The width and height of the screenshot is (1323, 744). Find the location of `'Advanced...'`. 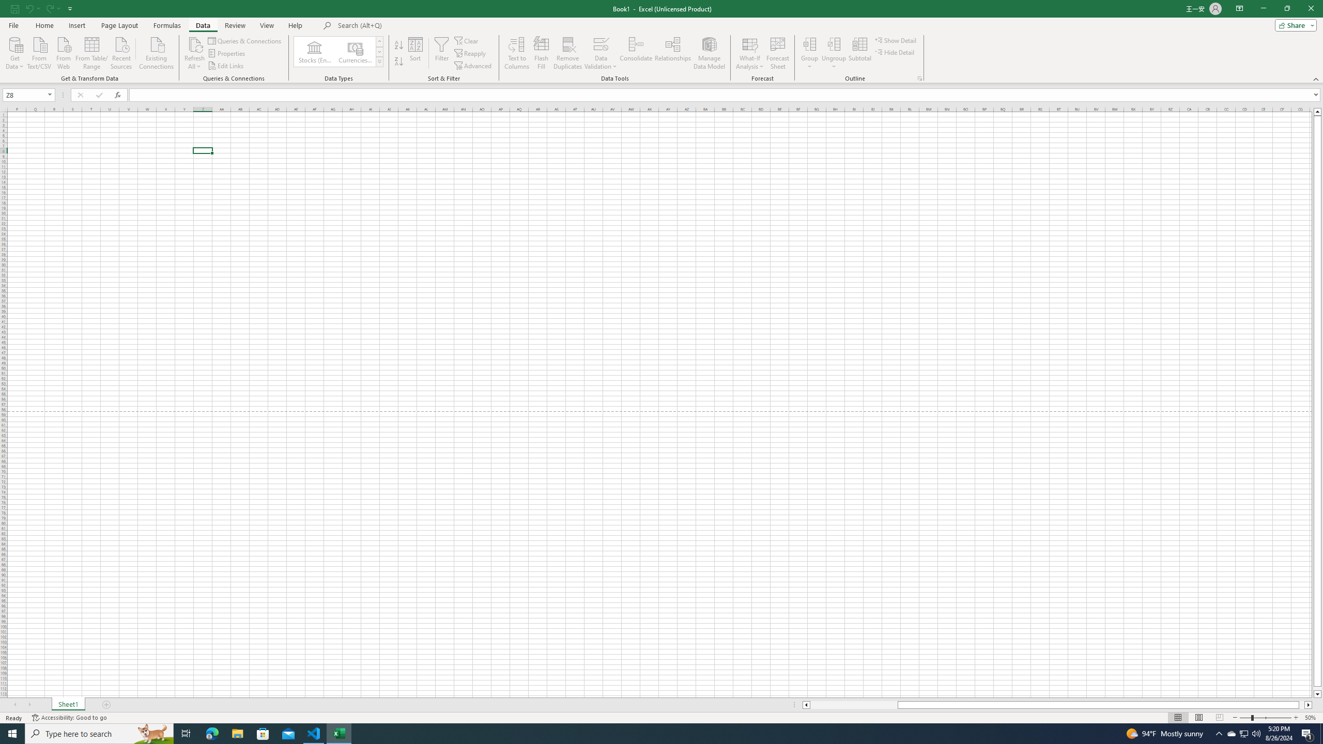

'Advanced...' is located at coordinates (473, 66).